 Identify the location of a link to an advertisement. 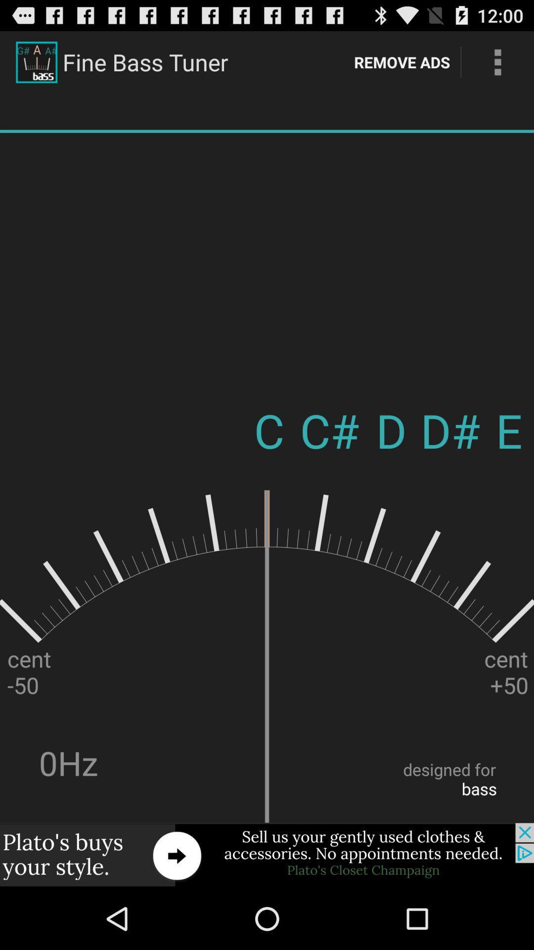
(267, 855).